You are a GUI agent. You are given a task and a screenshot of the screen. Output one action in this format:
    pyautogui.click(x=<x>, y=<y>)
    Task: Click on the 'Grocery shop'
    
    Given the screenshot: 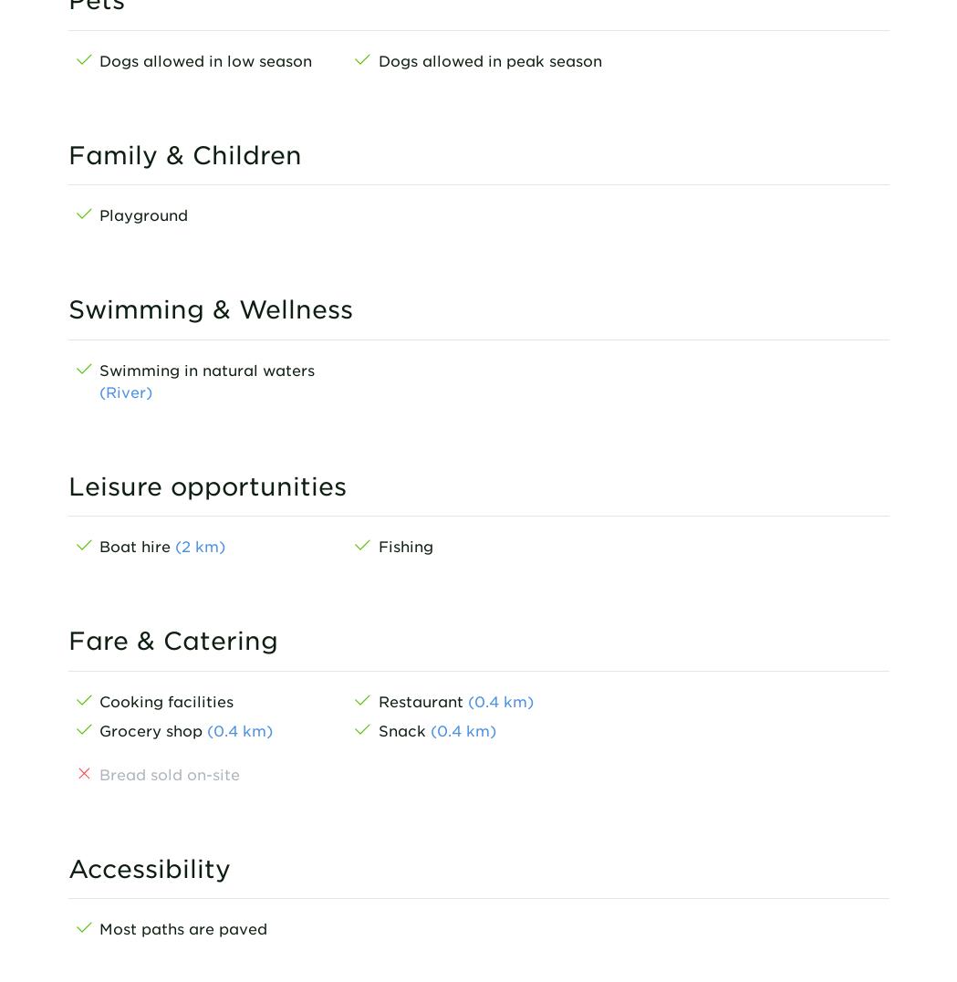 What is the action you would take?
    pyautogui.click(x=150, y=729)
    